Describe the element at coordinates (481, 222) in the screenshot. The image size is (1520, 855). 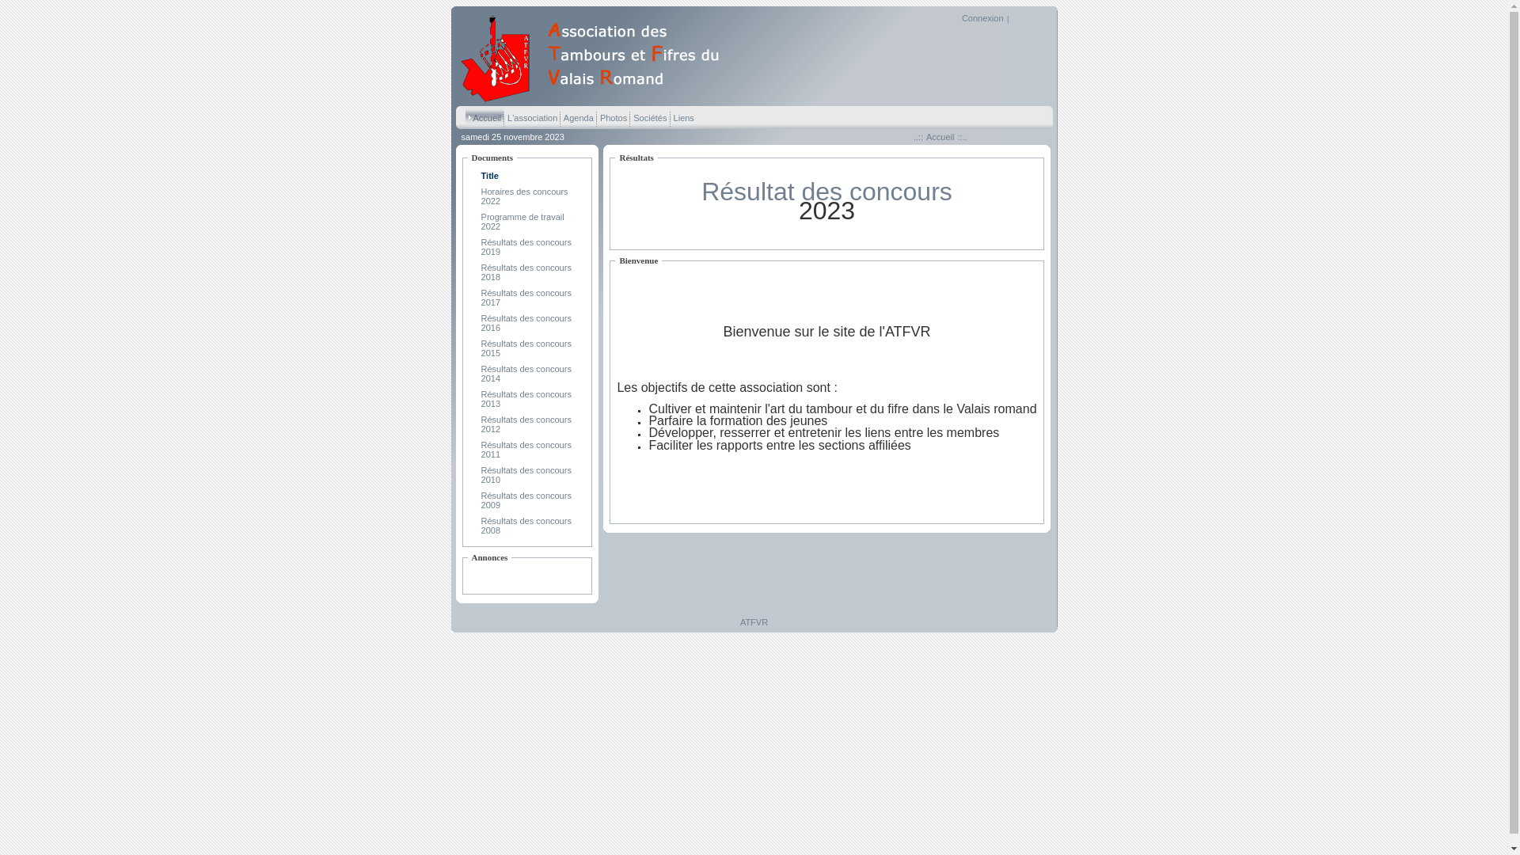
I see `'Programme de travail 2022'` at that location.